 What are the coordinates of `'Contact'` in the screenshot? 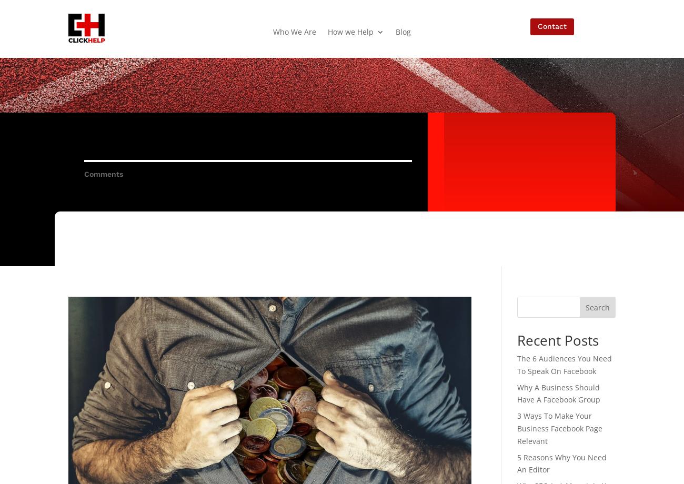 It's located at (551, 26).